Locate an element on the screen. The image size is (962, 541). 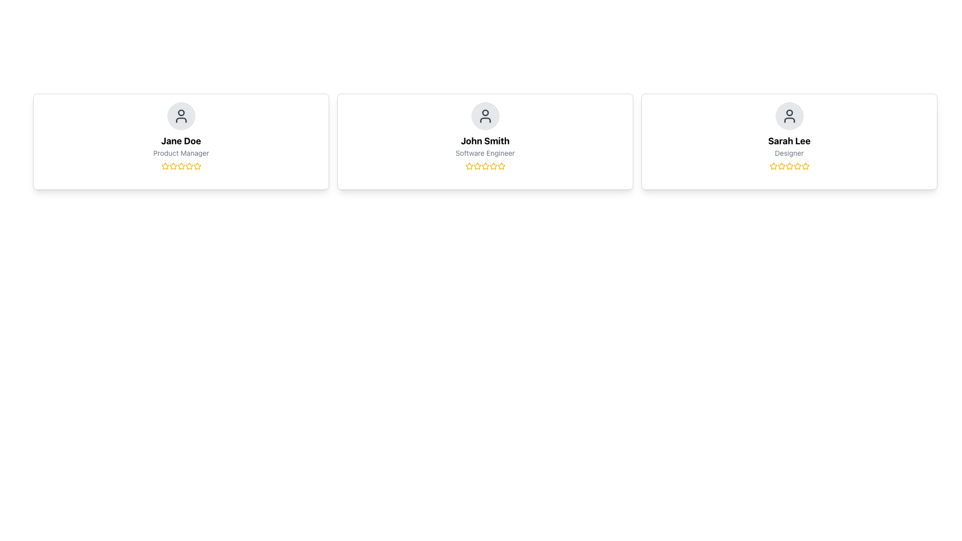
the user profile head icon for 'Sarah Lee', which is a circular SVG element located at the top-center of her profile card on the right side of the layout is located at coordinates (789, 113).